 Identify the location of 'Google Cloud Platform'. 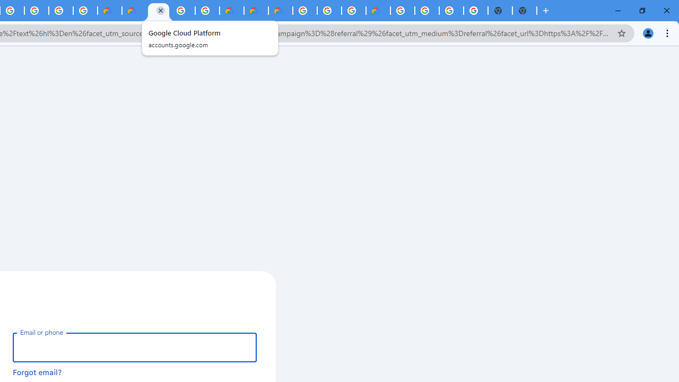
(183, 11).